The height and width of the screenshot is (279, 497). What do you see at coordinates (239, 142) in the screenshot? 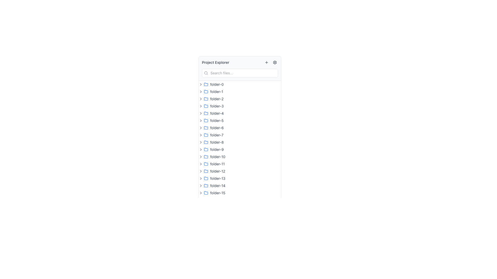
I see `the list item representing the folder named 'folder-8'` at bounding box center [239, 142].